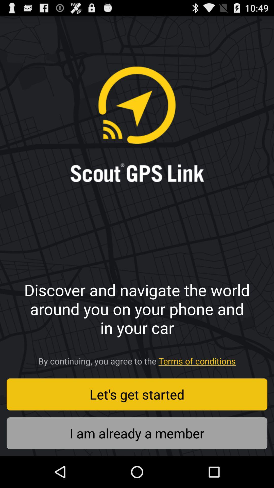 The height and width of the screenshot is (488, 274). I want to click on i am already icon, so click(137, 433).